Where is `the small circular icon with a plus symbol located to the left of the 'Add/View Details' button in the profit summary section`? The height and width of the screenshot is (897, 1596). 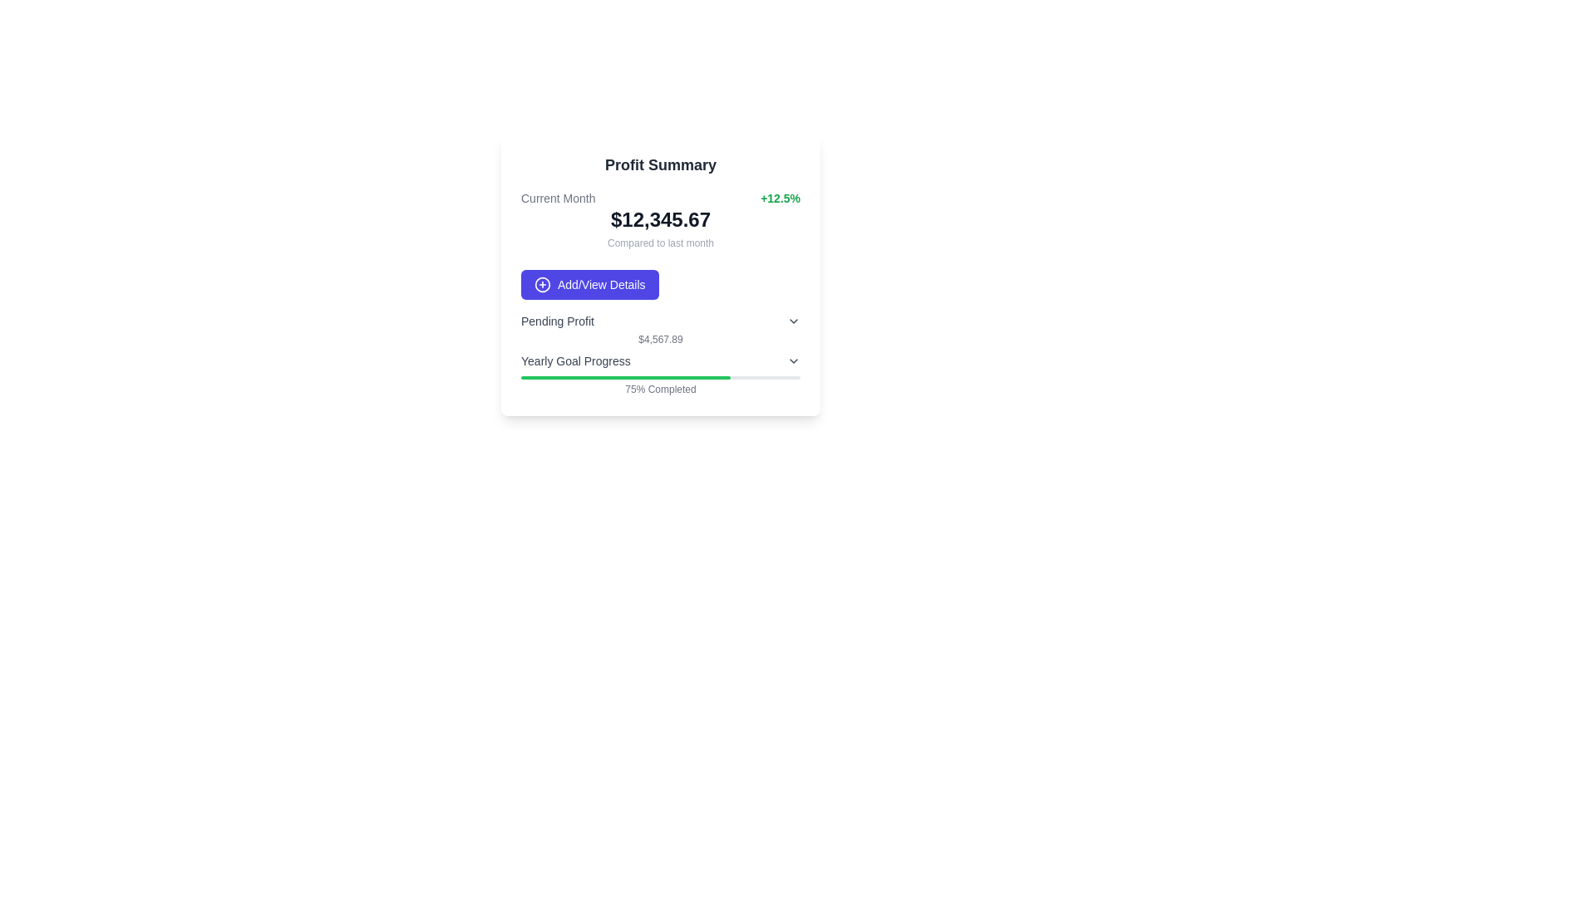 the small circular icon with a plus symbol located to the left of the 'Add/View Details' button in the profit summary section is located at coordinates (542, 284).